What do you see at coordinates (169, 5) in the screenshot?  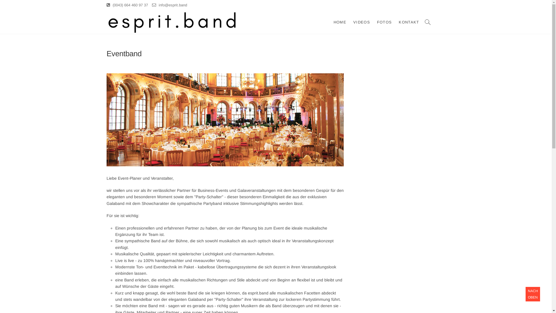 I see `'info@esprit.band'` at bounding box center [169, 5].